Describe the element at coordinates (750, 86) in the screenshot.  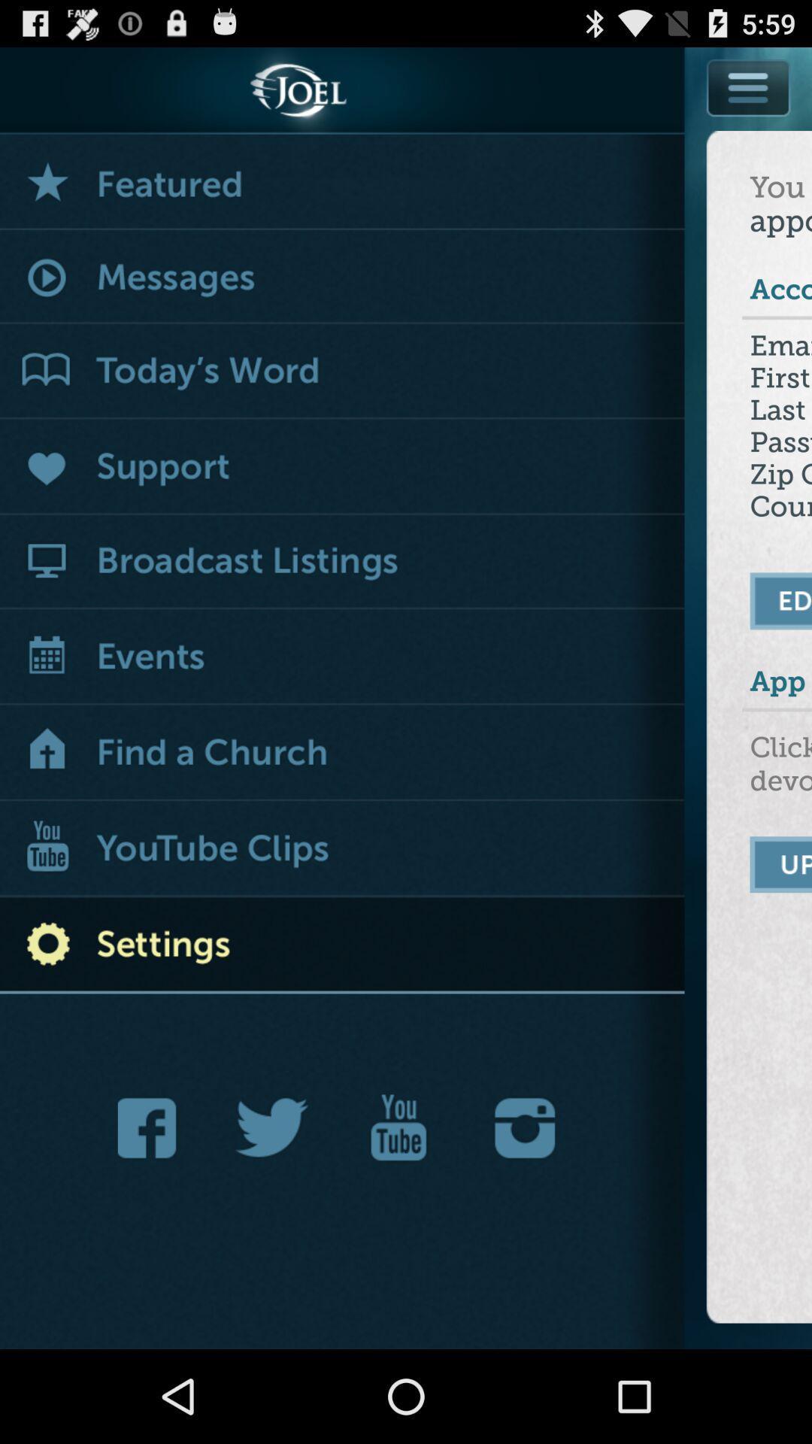
I see `open main menu` at that location.